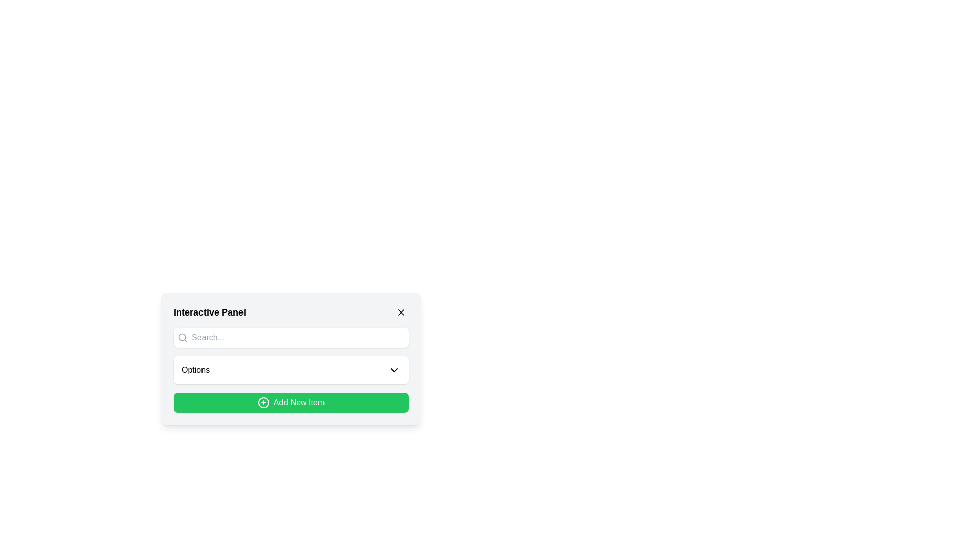 This screenshot has height=547, width=972. What do you see at coordinates (182, 337) in the screenshot?
I see `the circular SVG graphic element located within the search field of the 'Interactive Panel'` at bounding box center [182, 337].